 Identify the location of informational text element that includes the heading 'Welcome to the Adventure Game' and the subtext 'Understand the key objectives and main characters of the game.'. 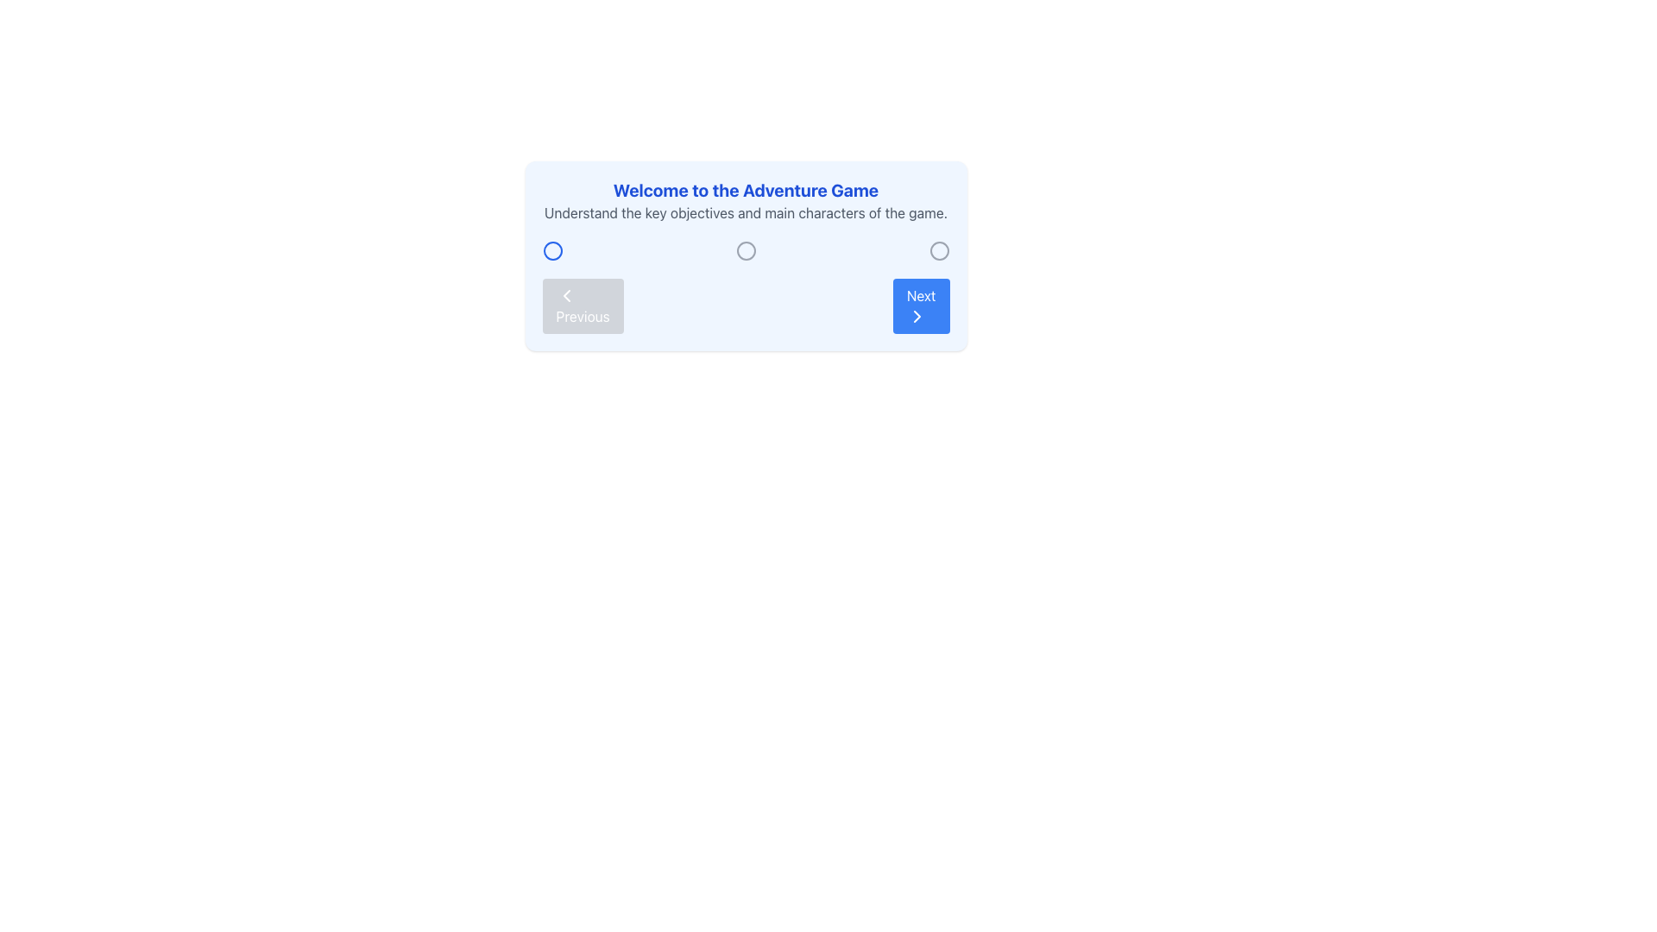
(746, 199).